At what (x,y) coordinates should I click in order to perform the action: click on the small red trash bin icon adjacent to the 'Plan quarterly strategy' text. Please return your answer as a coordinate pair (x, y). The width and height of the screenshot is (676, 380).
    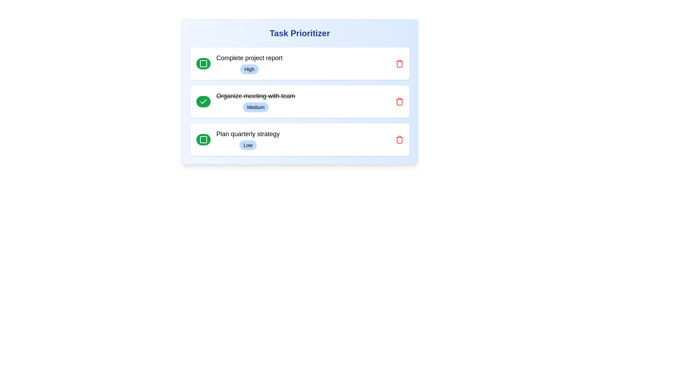
    Looking at the image, I should click on (399, 140).